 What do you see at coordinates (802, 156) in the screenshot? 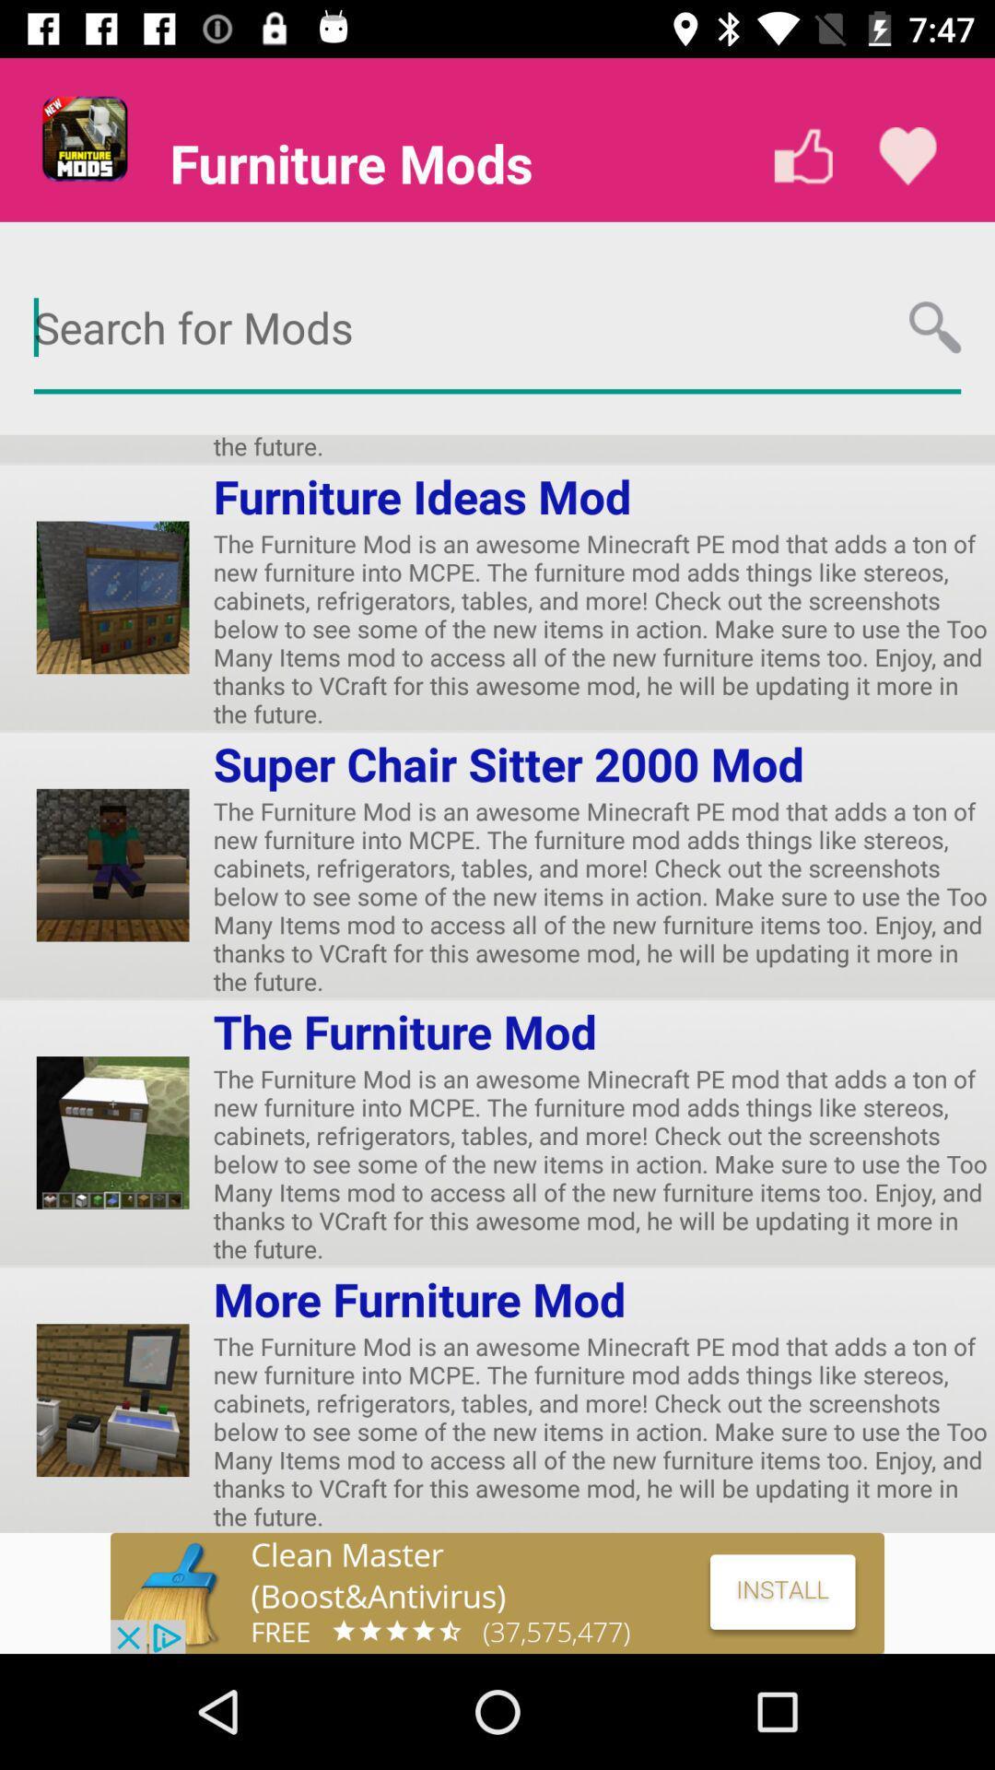
I see `like` at bounding box center [802, 156].